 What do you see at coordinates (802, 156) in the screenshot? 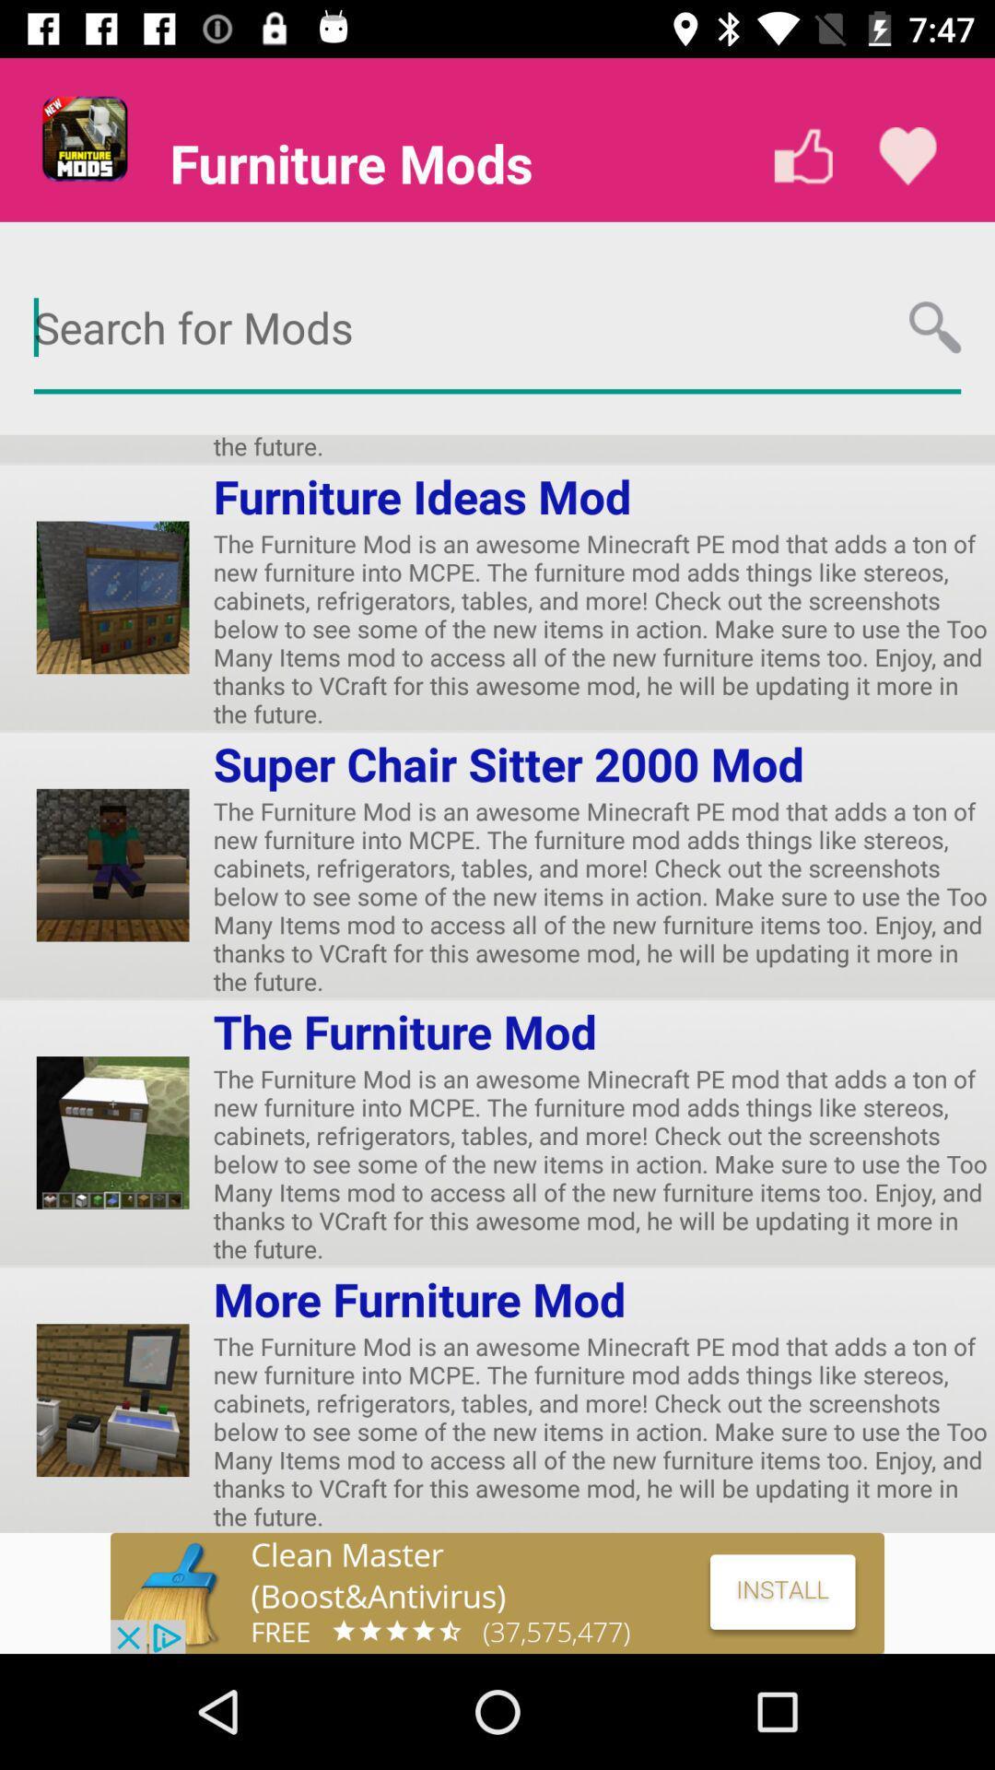
I see `like` at bounding box center [802, 156].